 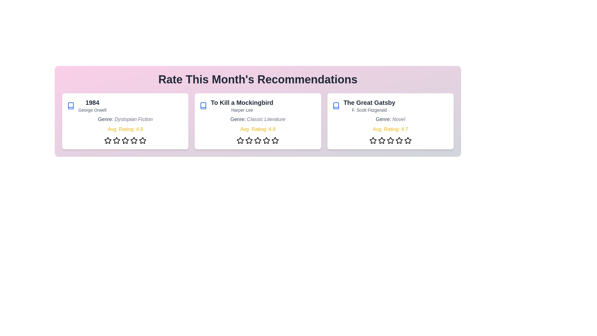 I want to click on the book icon for the book titled '1984', so click(x=71, y=105).